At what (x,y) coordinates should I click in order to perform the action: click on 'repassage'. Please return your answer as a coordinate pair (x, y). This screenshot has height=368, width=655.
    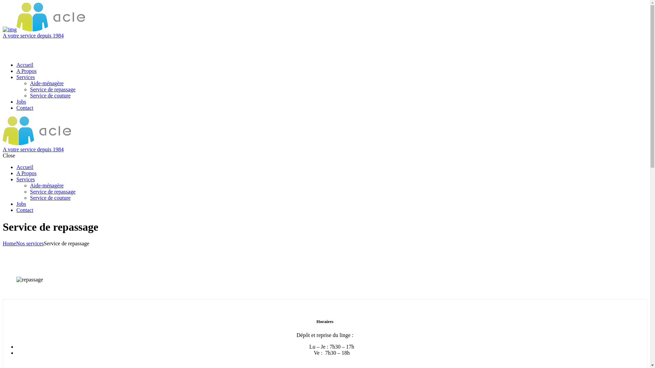
    Looking at the image, I should click on (29, 280).